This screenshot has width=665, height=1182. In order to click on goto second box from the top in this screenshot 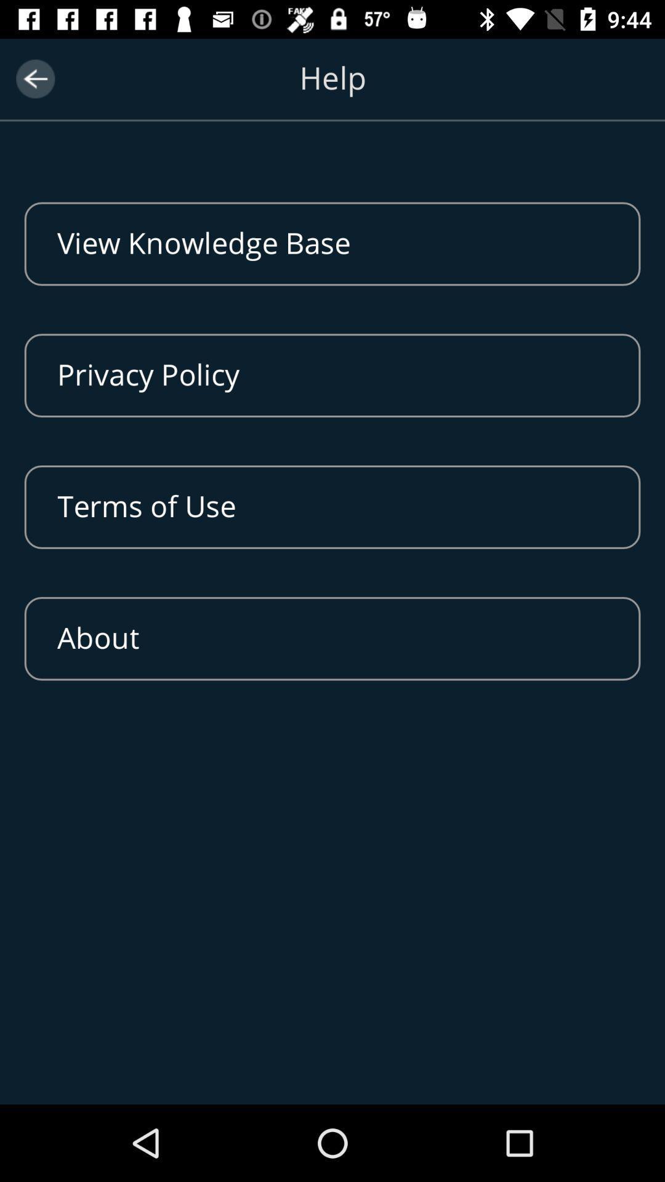, I will do `click(332, 374)`.